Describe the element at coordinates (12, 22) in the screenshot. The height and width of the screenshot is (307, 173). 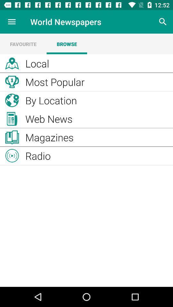
I see `the icon to the left of world newspapers` at that location.